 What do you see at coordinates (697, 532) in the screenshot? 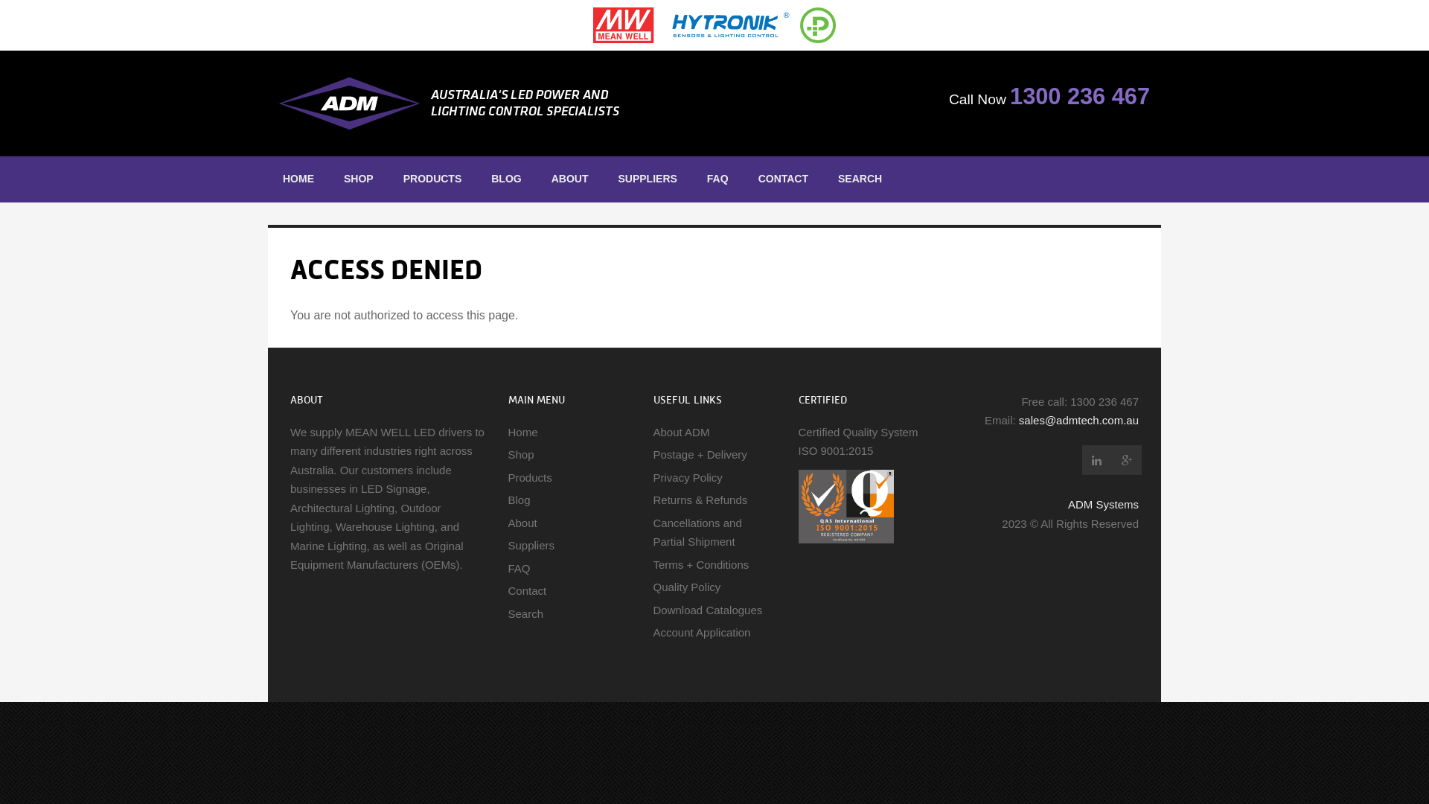
I see `'Cancellations and Partial Shipment'` at bounding box center [697, 532].